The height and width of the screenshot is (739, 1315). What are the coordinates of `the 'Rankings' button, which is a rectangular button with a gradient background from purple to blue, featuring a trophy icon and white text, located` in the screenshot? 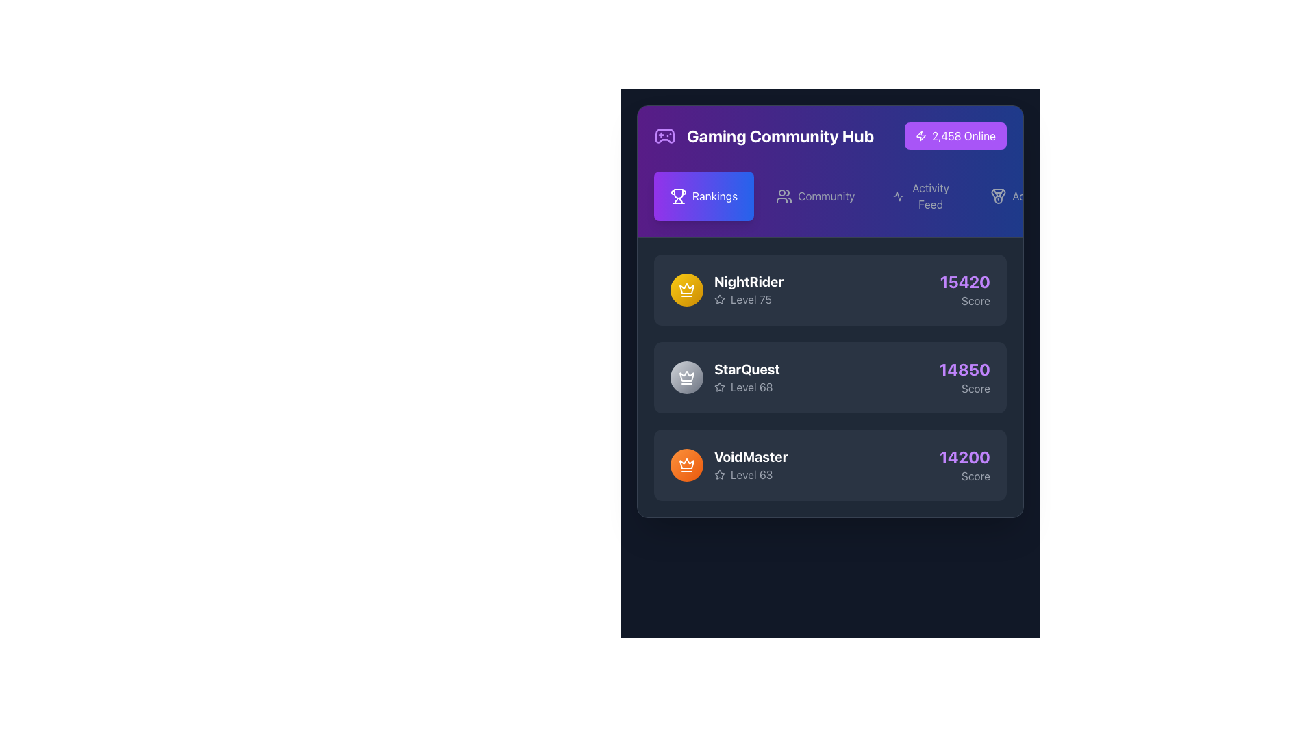 It's located at (703, 196).